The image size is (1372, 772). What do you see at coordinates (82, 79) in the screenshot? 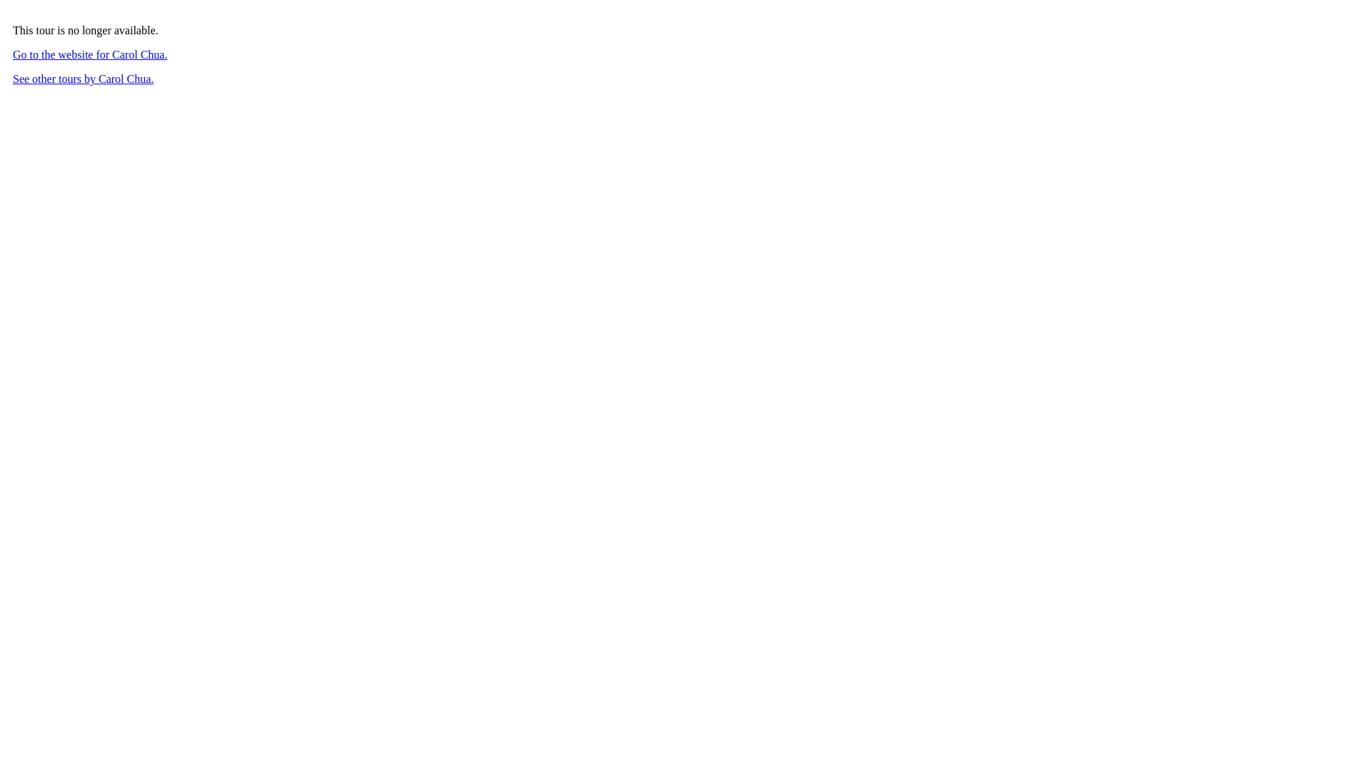
I see `'See other tours by Carol Chua.'` at bounding box center [82, 79].